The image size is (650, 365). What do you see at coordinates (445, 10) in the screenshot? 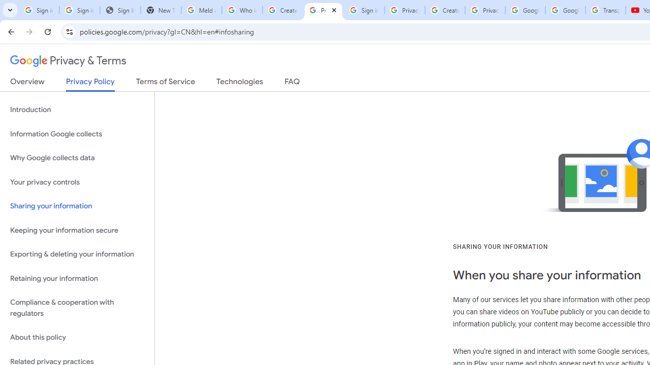
I see `'Create your Google Account'` at bounding box center [445, 10].